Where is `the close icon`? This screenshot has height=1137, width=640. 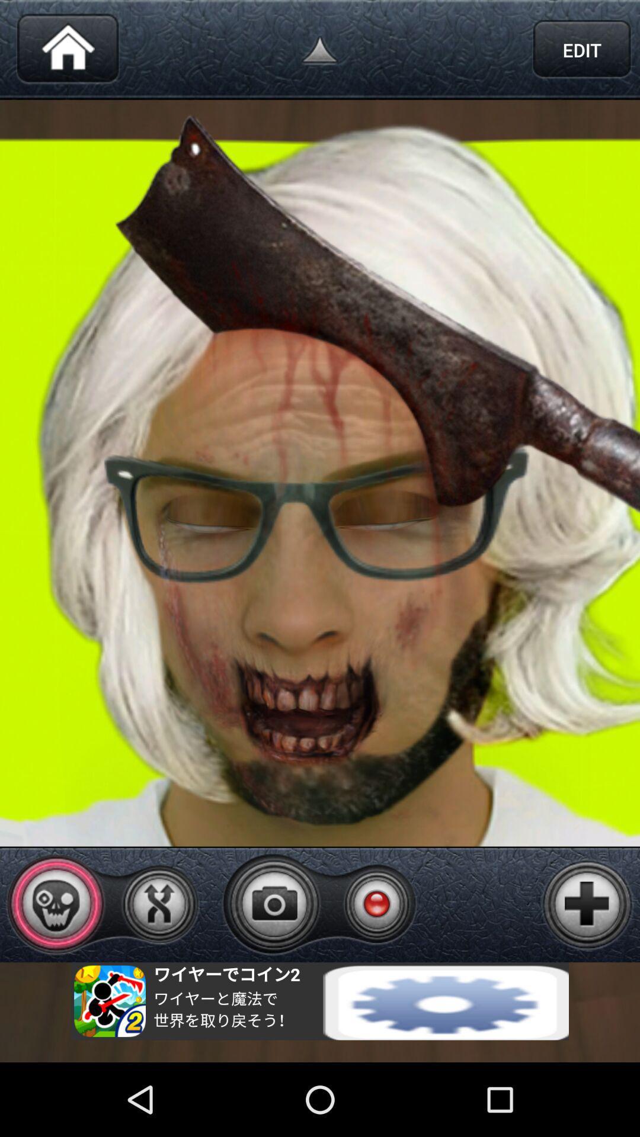 the close icon is located at coordinates (158, 968).